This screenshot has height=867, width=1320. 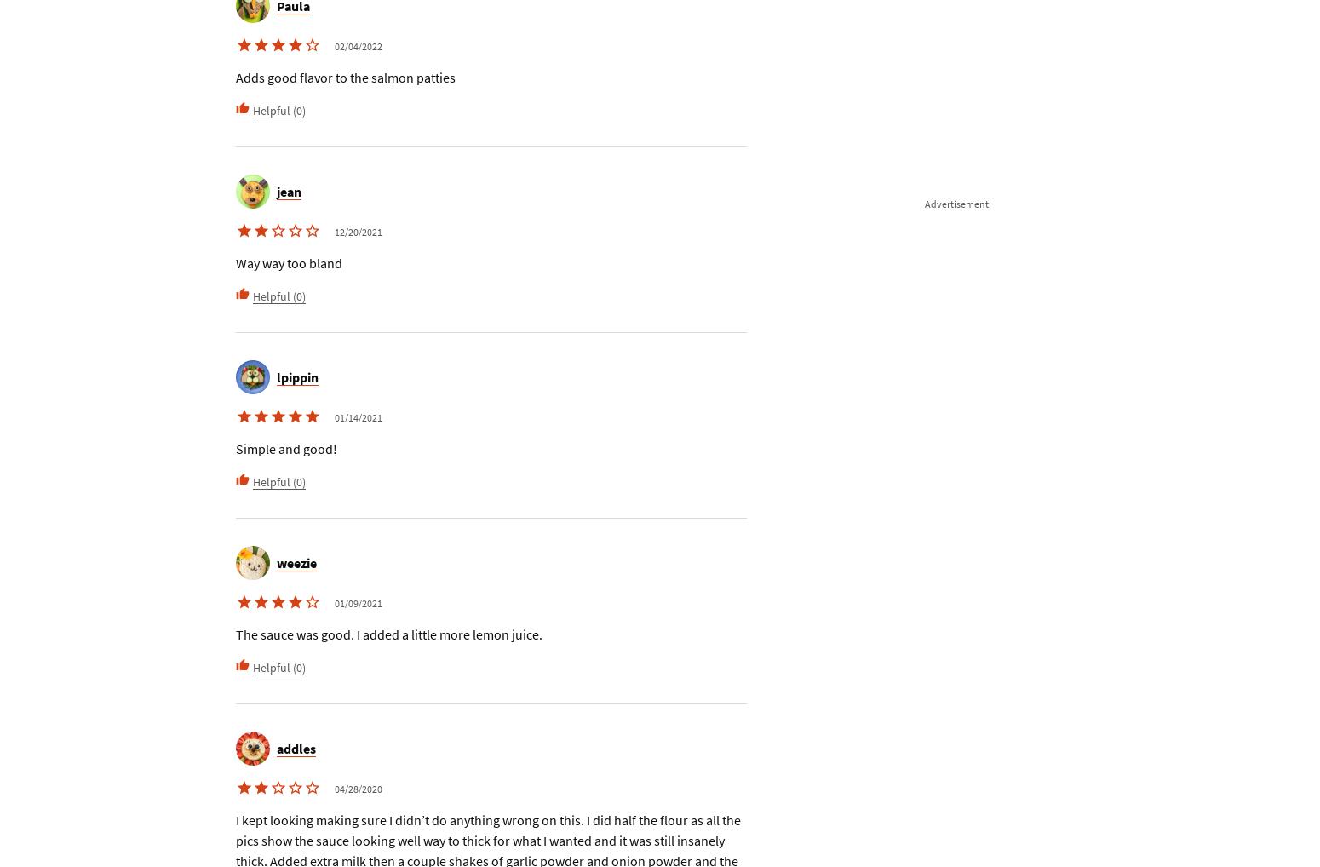 I want to click on '04/28/2020', so click(x=358, y=788).